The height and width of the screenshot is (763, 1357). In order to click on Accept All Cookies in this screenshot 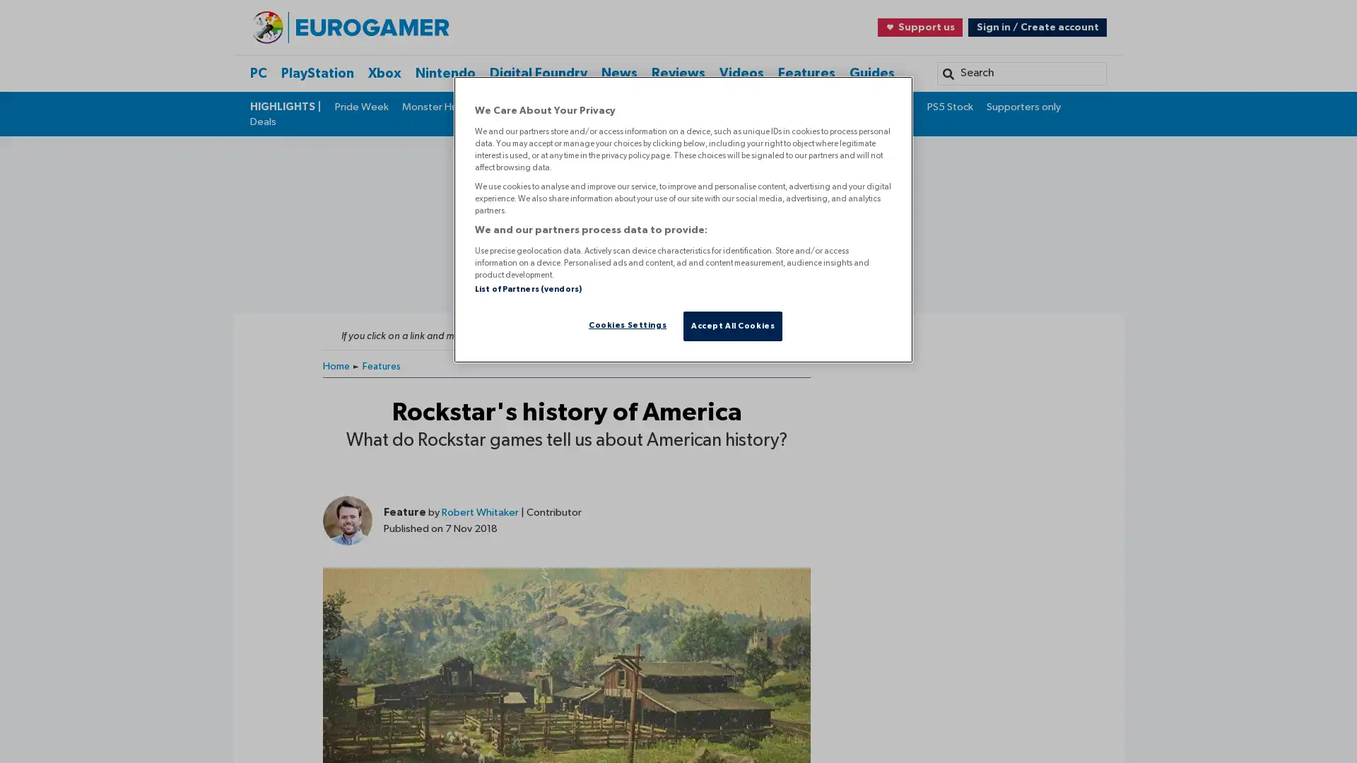, I will do `click(732, 326)`.